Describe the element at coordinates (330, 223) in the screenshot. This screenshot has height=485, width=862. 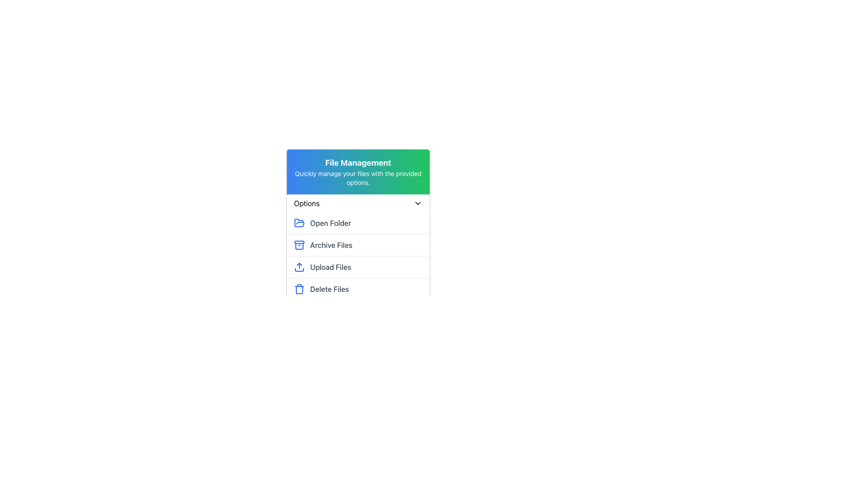
I see `the Text label that describes the action related` at that location.